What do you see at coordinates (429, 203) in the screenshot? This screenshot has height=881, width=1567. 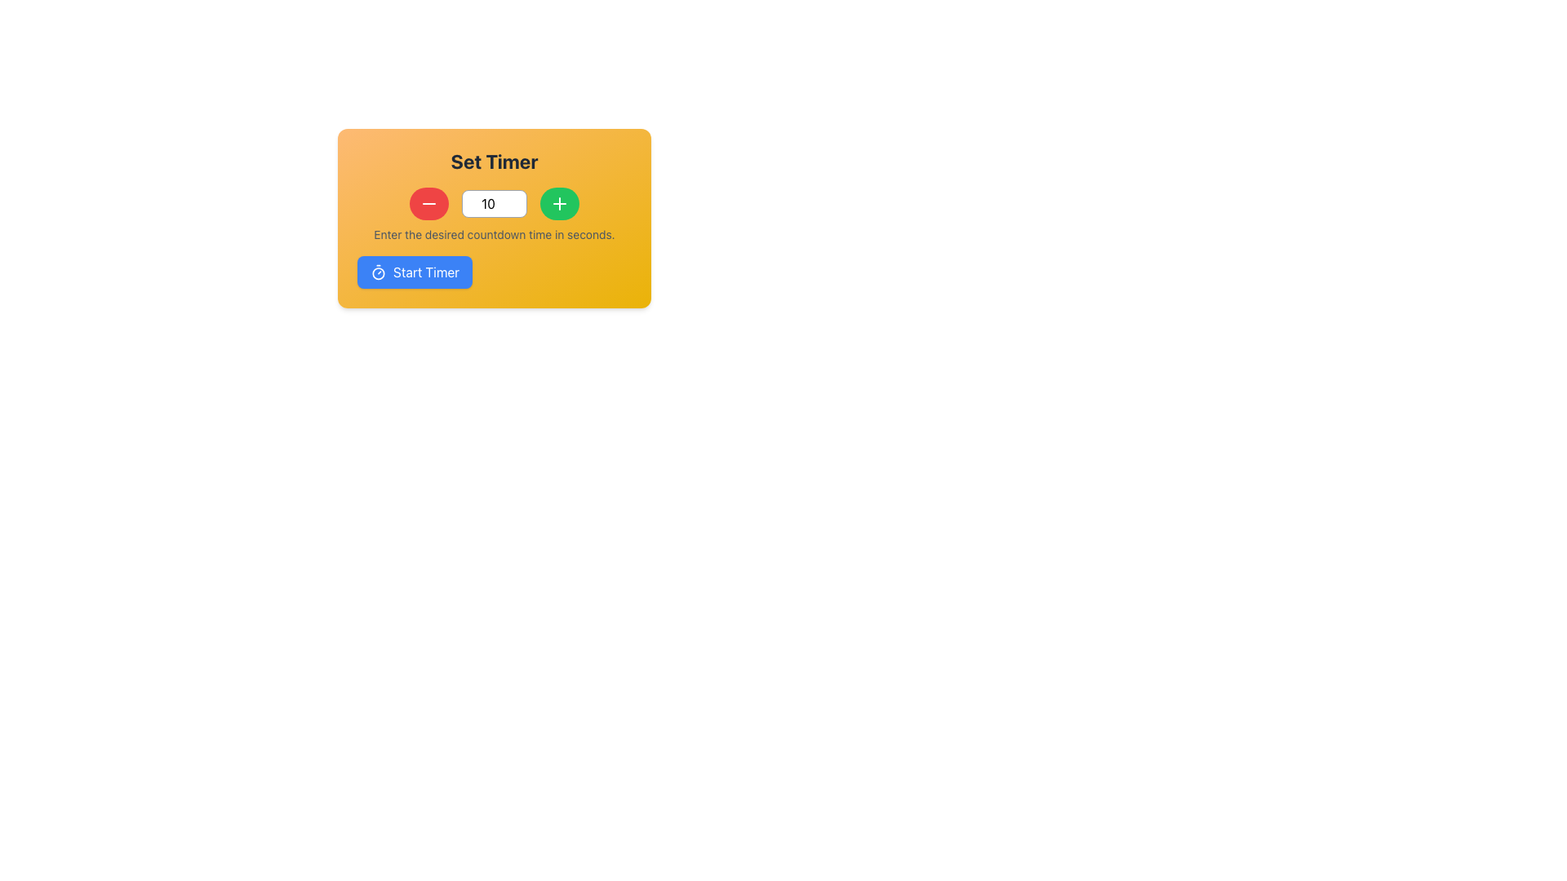 I see `red circular button with a white minus symbol, located to the left of a text input box in the timer setup interface` at bounding box center [429, 203].